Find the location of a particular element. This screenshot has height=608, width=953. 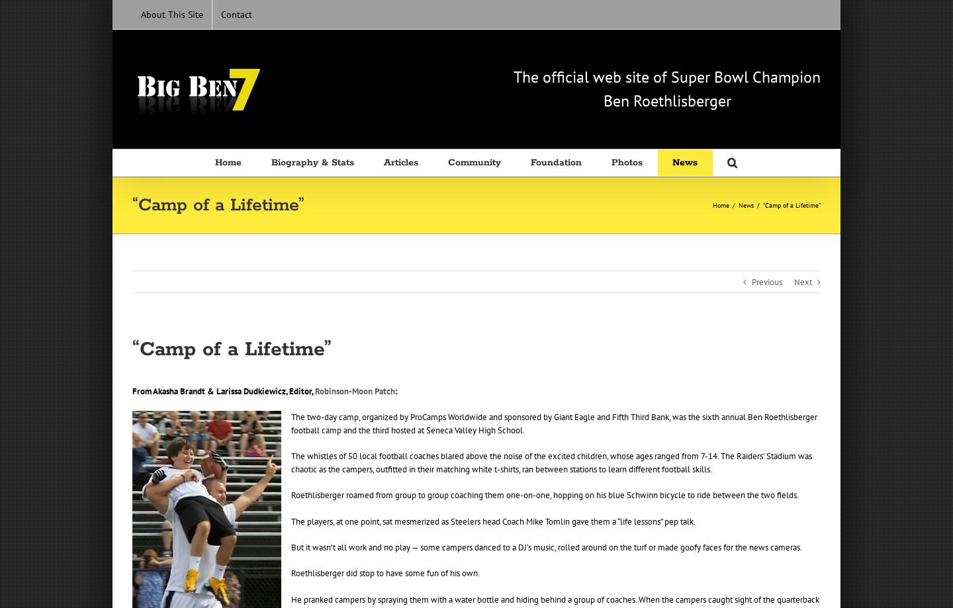

'The players, at one point, sat mesmerized as Steelers head Coach Mike Tomlin gave them a “life lessons” pep talk.' is located at coordinates (492, 521).